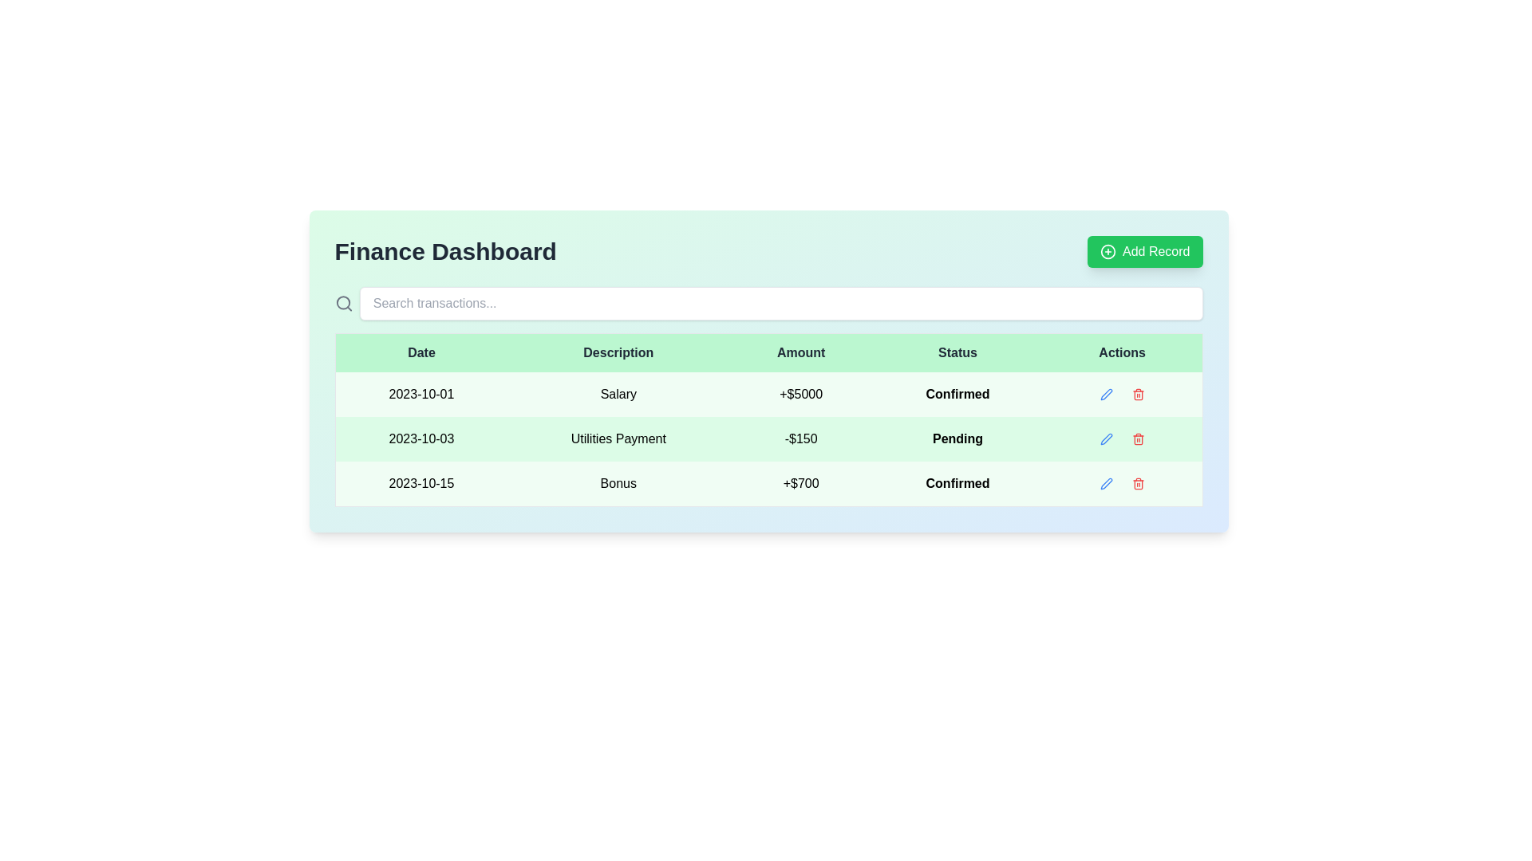  What do you see at coordinates (618, 394) in the screenshot?
I see `the 'Salary' text label, which is displayed in black font within a light green cell, located in the second column of the data table` at bounding box center [618, 394].